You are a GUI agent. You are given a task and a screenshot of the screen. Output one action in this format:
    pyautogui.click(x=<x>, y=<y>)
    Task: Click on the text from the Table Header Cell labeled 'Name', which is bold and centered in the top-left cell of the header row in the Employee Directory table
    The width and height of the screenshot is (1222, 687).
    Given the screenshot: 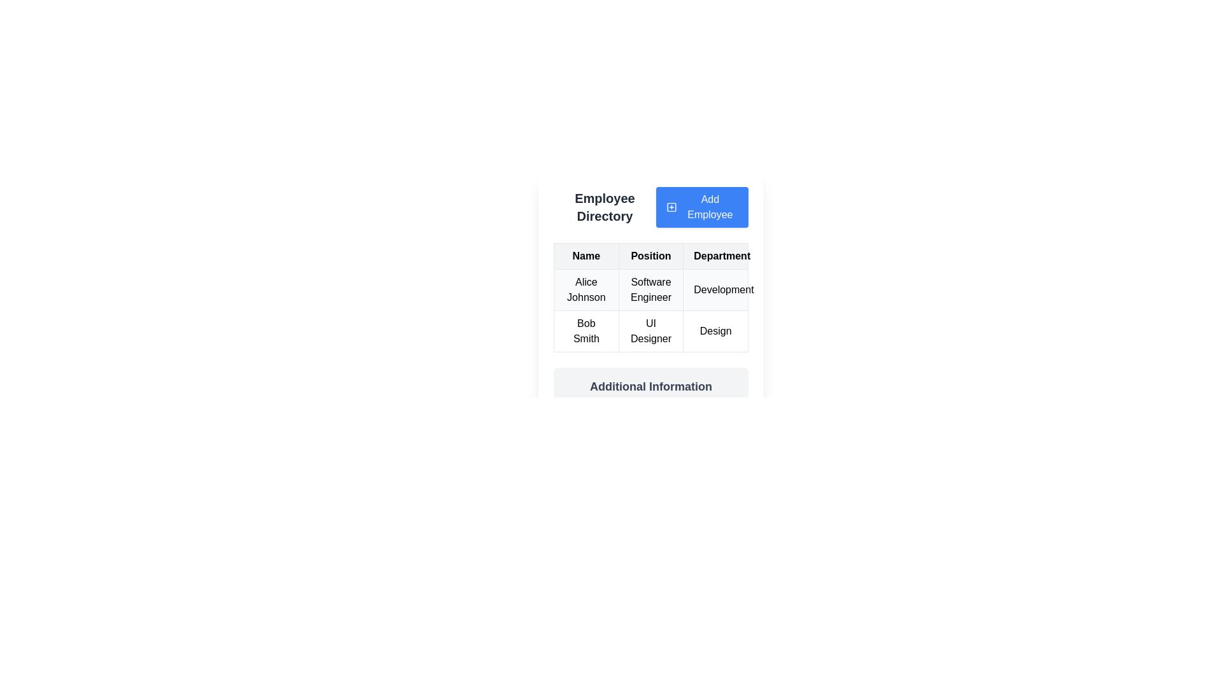 What is the action you would take?
    pyautogui.click(x=586, y=256)
    